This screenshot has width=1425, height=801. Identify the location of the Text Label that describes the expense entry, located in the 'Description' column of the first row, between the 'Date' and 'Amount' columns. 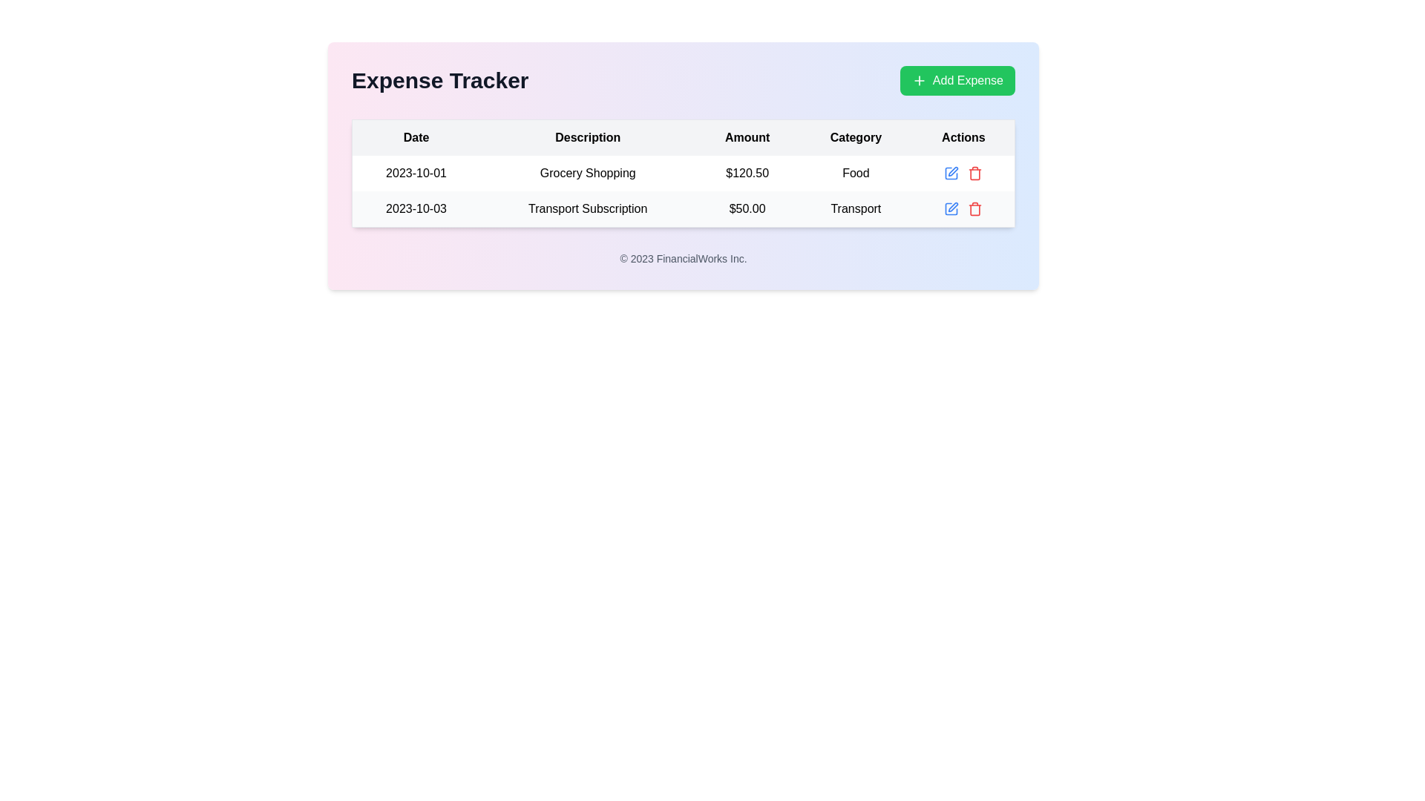
(587, 173).